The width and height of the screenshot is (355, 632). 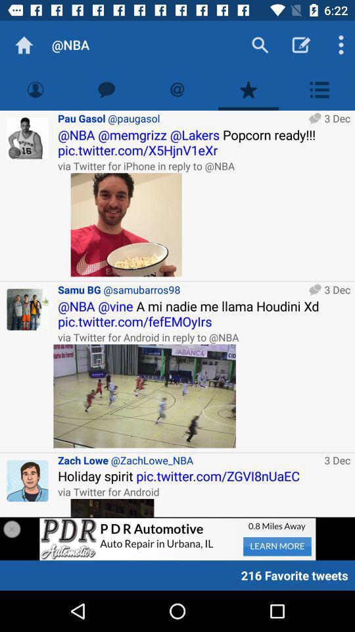 What do you see at coordinates (319, 89) in the screenshot?
I see `profile option menu` at bounding box center [319, 89].